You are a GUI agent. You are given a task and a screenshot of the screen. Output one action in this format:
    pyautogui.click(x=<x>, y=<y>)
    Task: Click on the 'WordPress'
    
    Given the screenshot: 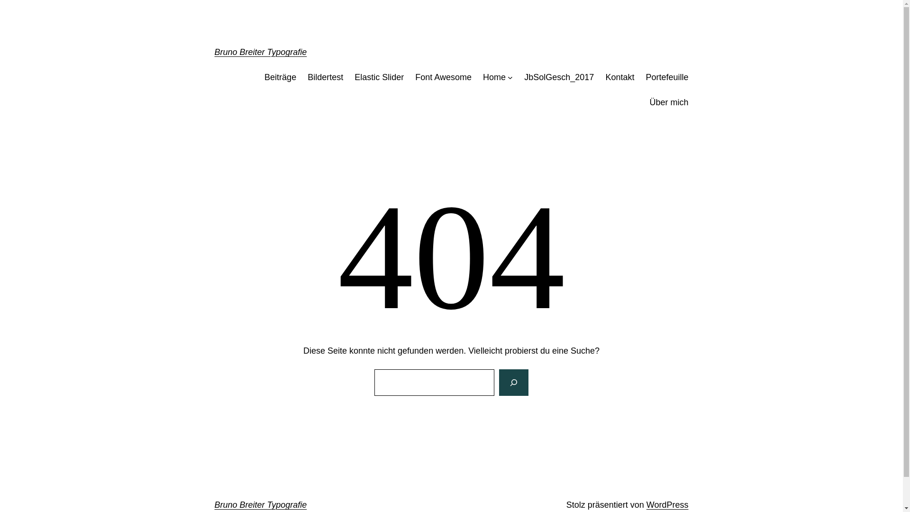 What is the action you would take?
    pyautogui.click(x=667, y=504)
    